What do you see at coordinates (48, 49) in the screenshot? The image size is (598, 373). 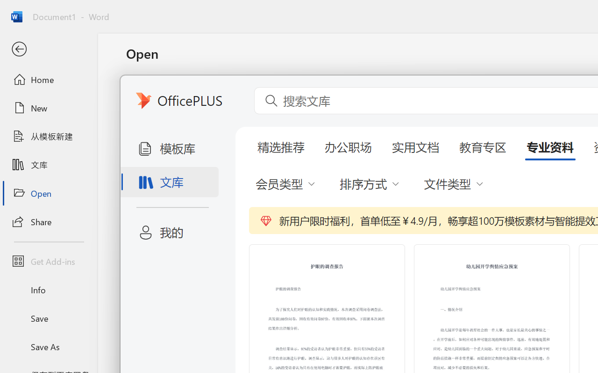 I see `'Back'` at bounding box center [48, 49].